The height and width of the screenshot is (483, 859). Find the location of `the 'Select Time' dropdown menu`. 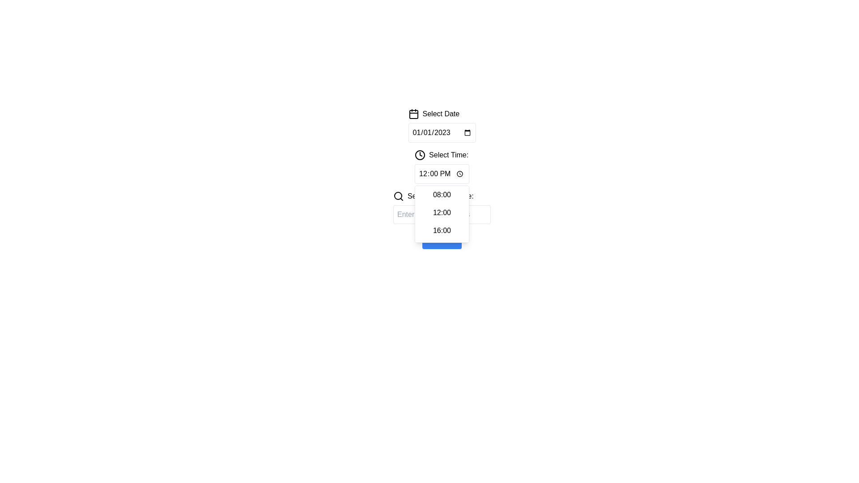

the 'Select Time' dropdown menu is located at coordinates (442, 167).